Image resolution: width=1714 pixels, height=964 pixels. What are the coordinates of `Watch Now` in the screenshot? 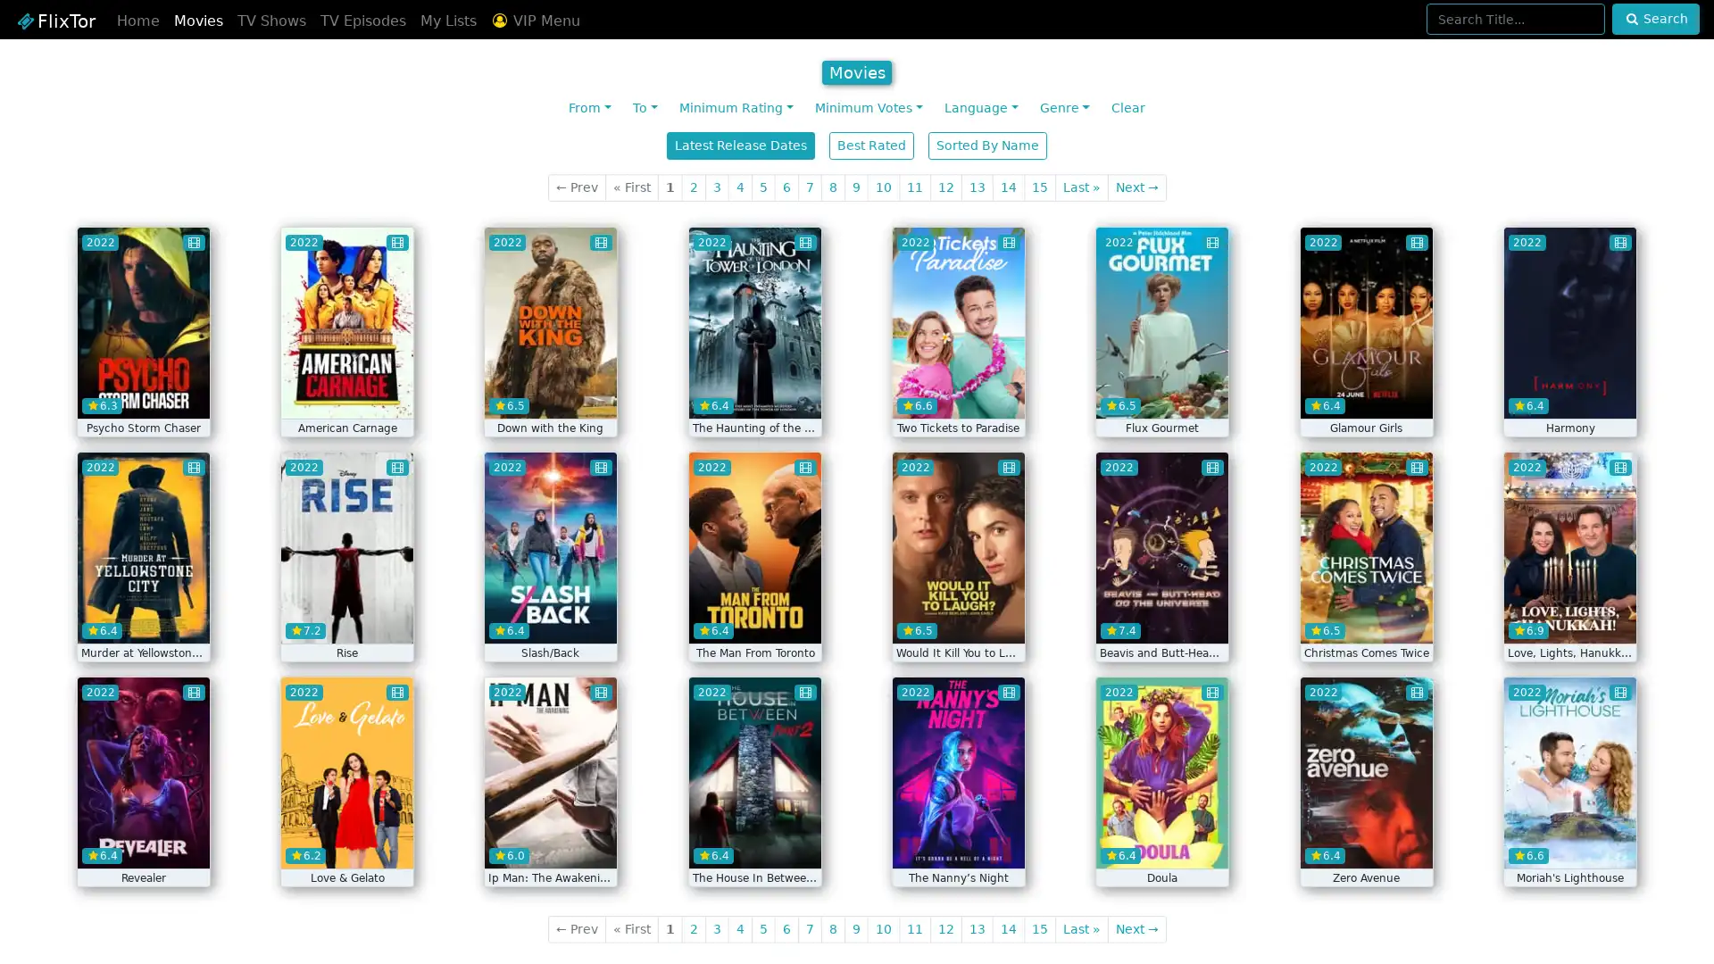 It's located at (754, 843).